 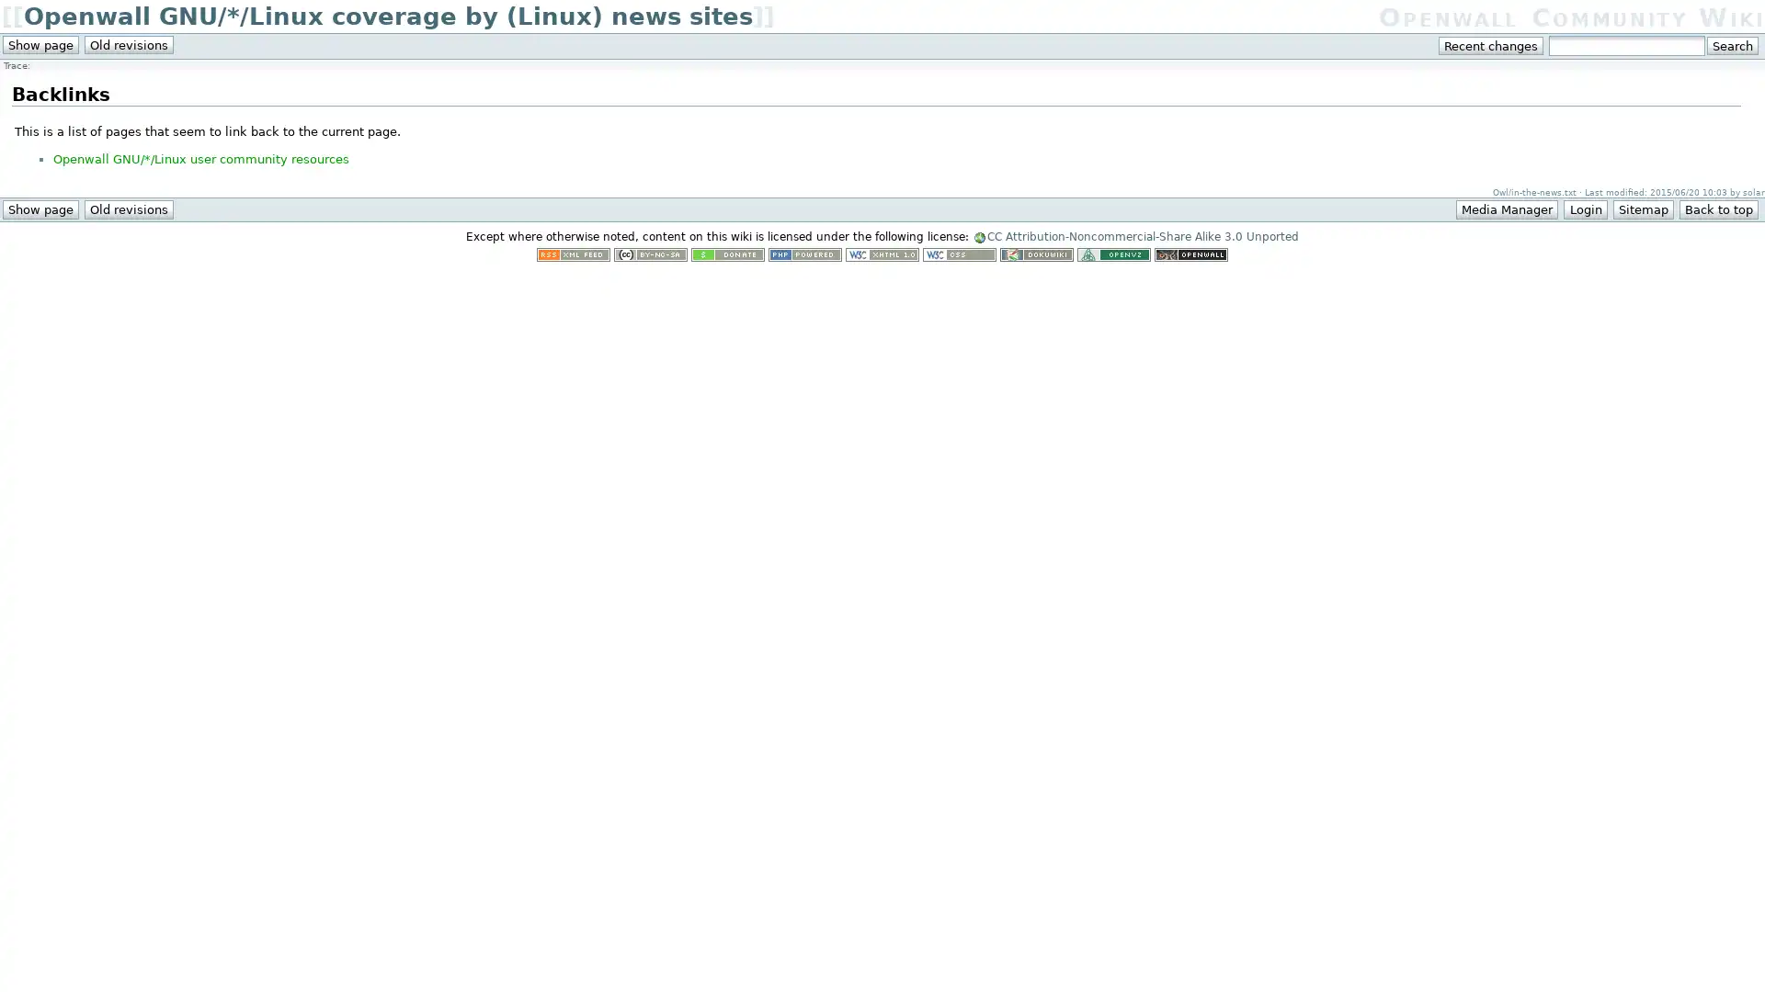 What do you see at coordinates (128, 44) in the screenshot?
I see `Old revisions` at bounding box center [128, 44].